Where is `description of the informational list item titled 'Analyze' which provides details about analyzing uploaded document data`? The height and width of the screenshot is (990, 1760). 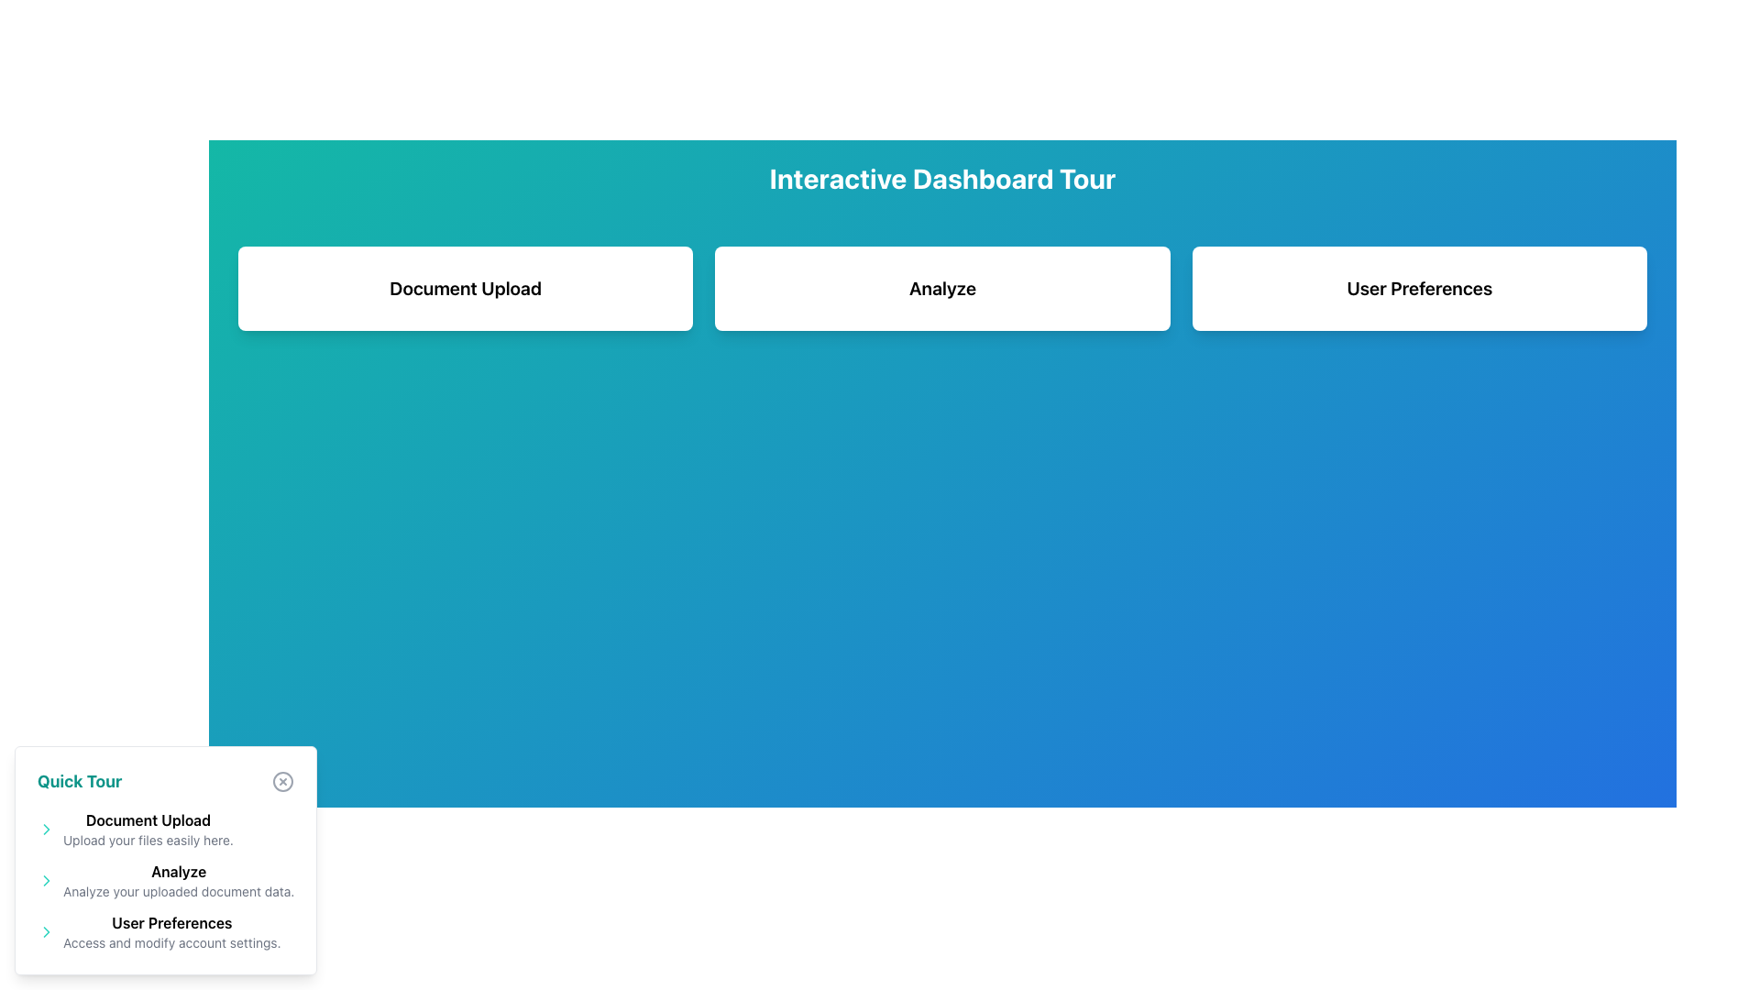
description of the informational list item titled 'Analyze' which provides details about analyzing uploaded document data is located at coordinates (166, 879).